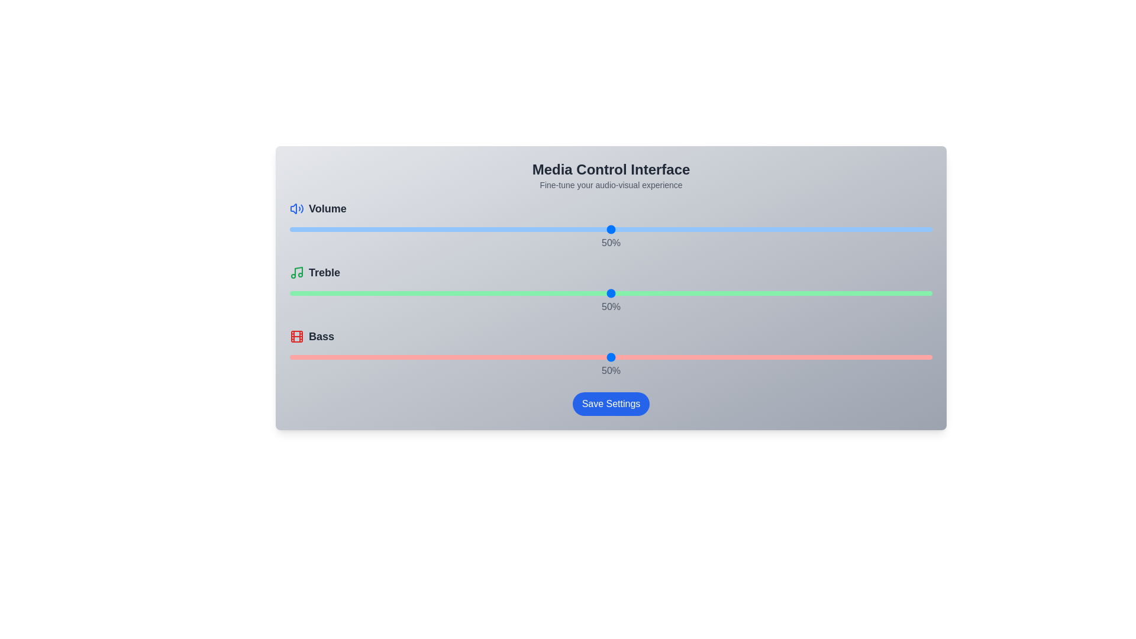 The width and height of the screenshot is (1136, 639). I want to click on the rounded rectangular button with a blue background and 'Save Settings' text, so click(611, 403).